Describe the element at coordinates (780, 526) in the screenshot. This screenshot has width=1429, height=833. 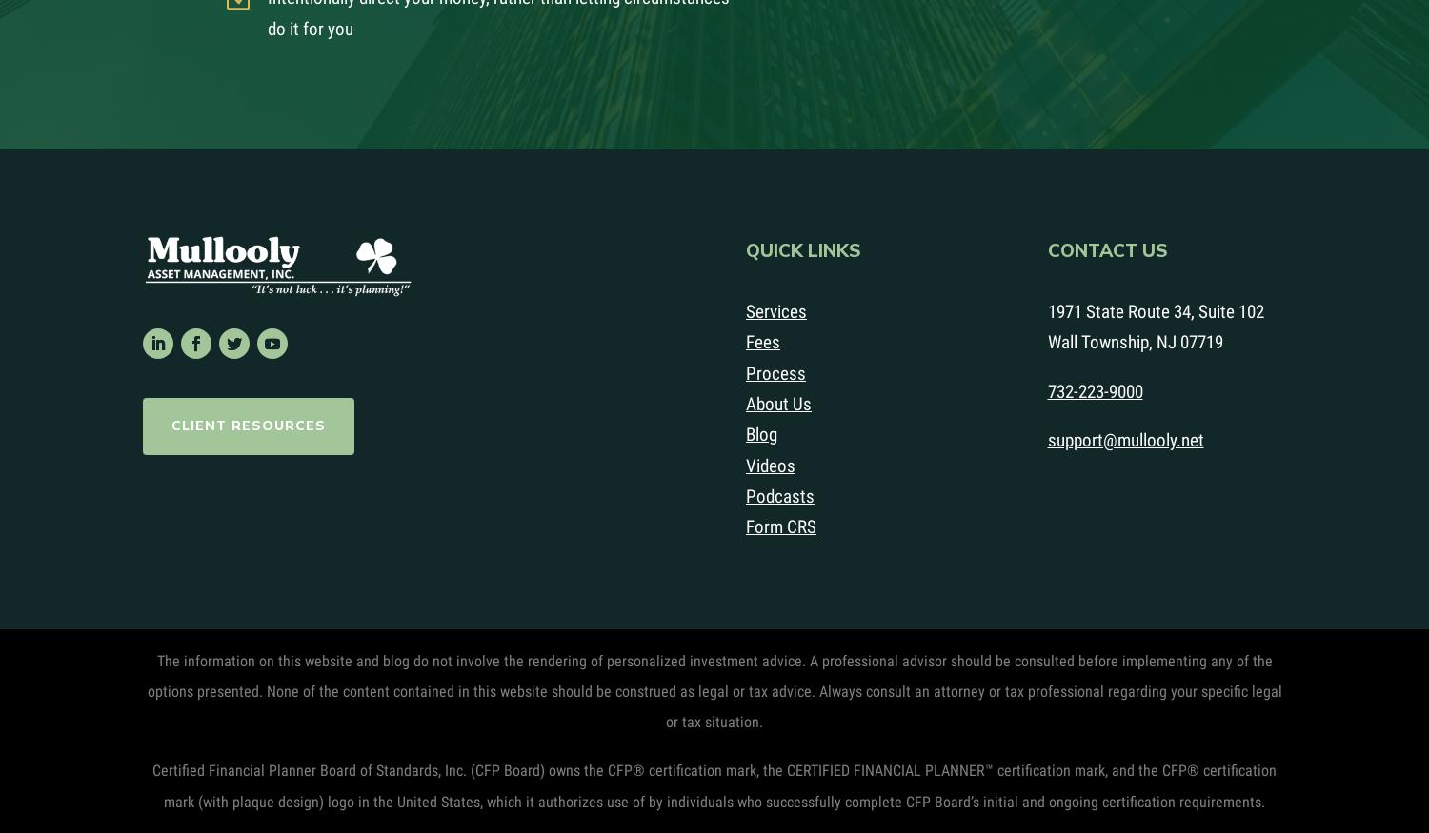
I see `'Form CRS'` at that location.